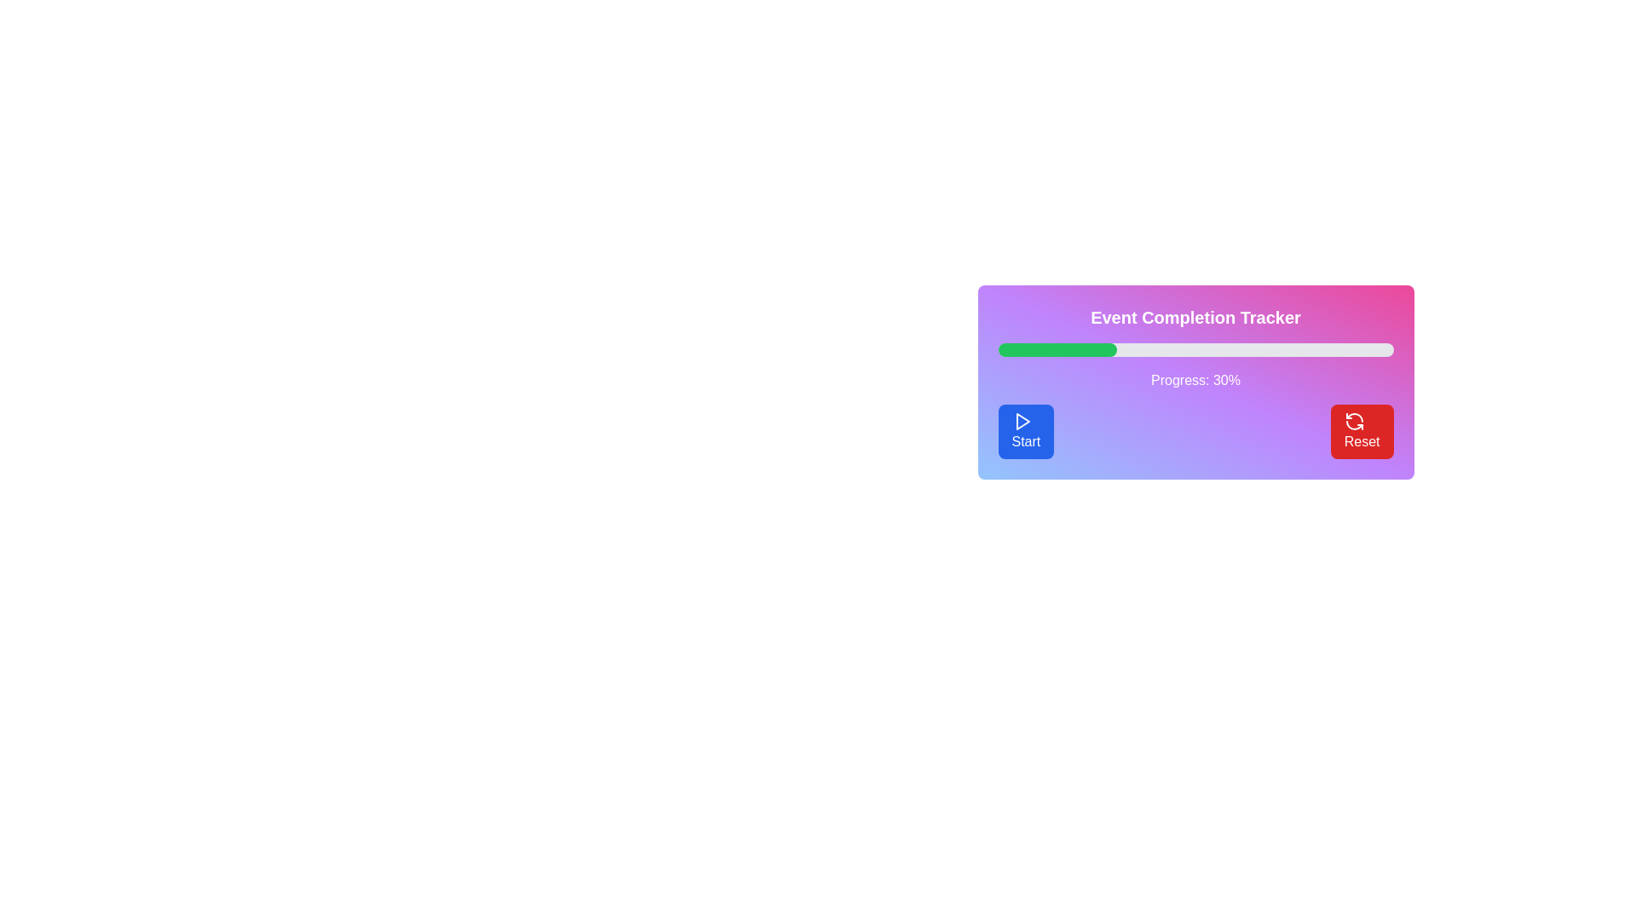 This screenshot has height=920, width=1636. Describe the element at coordinates (1195, 380) in the screenshot. I see `the text label displaying the progress percentage within the 'Event Completion Tracker' card` at that location.